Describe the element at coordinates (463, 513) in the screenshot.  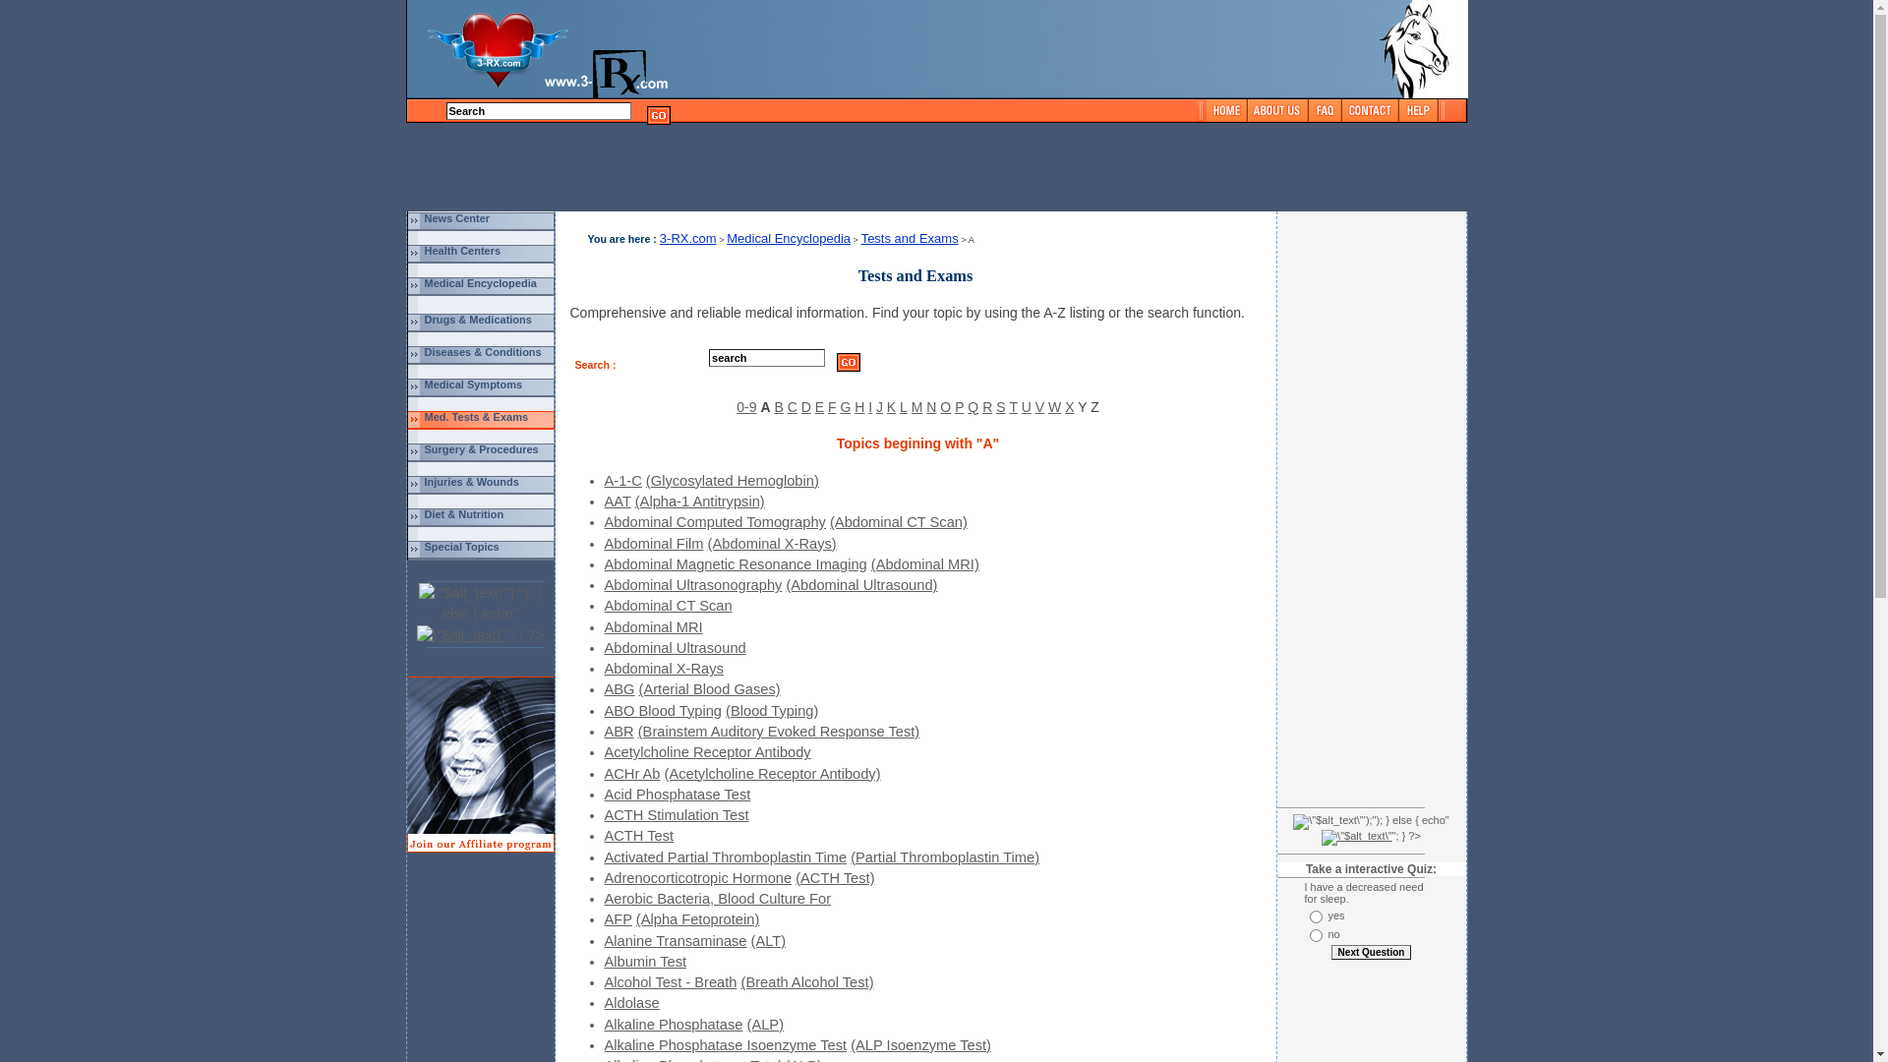
I see `'Diet & Nutrition'` at that location.